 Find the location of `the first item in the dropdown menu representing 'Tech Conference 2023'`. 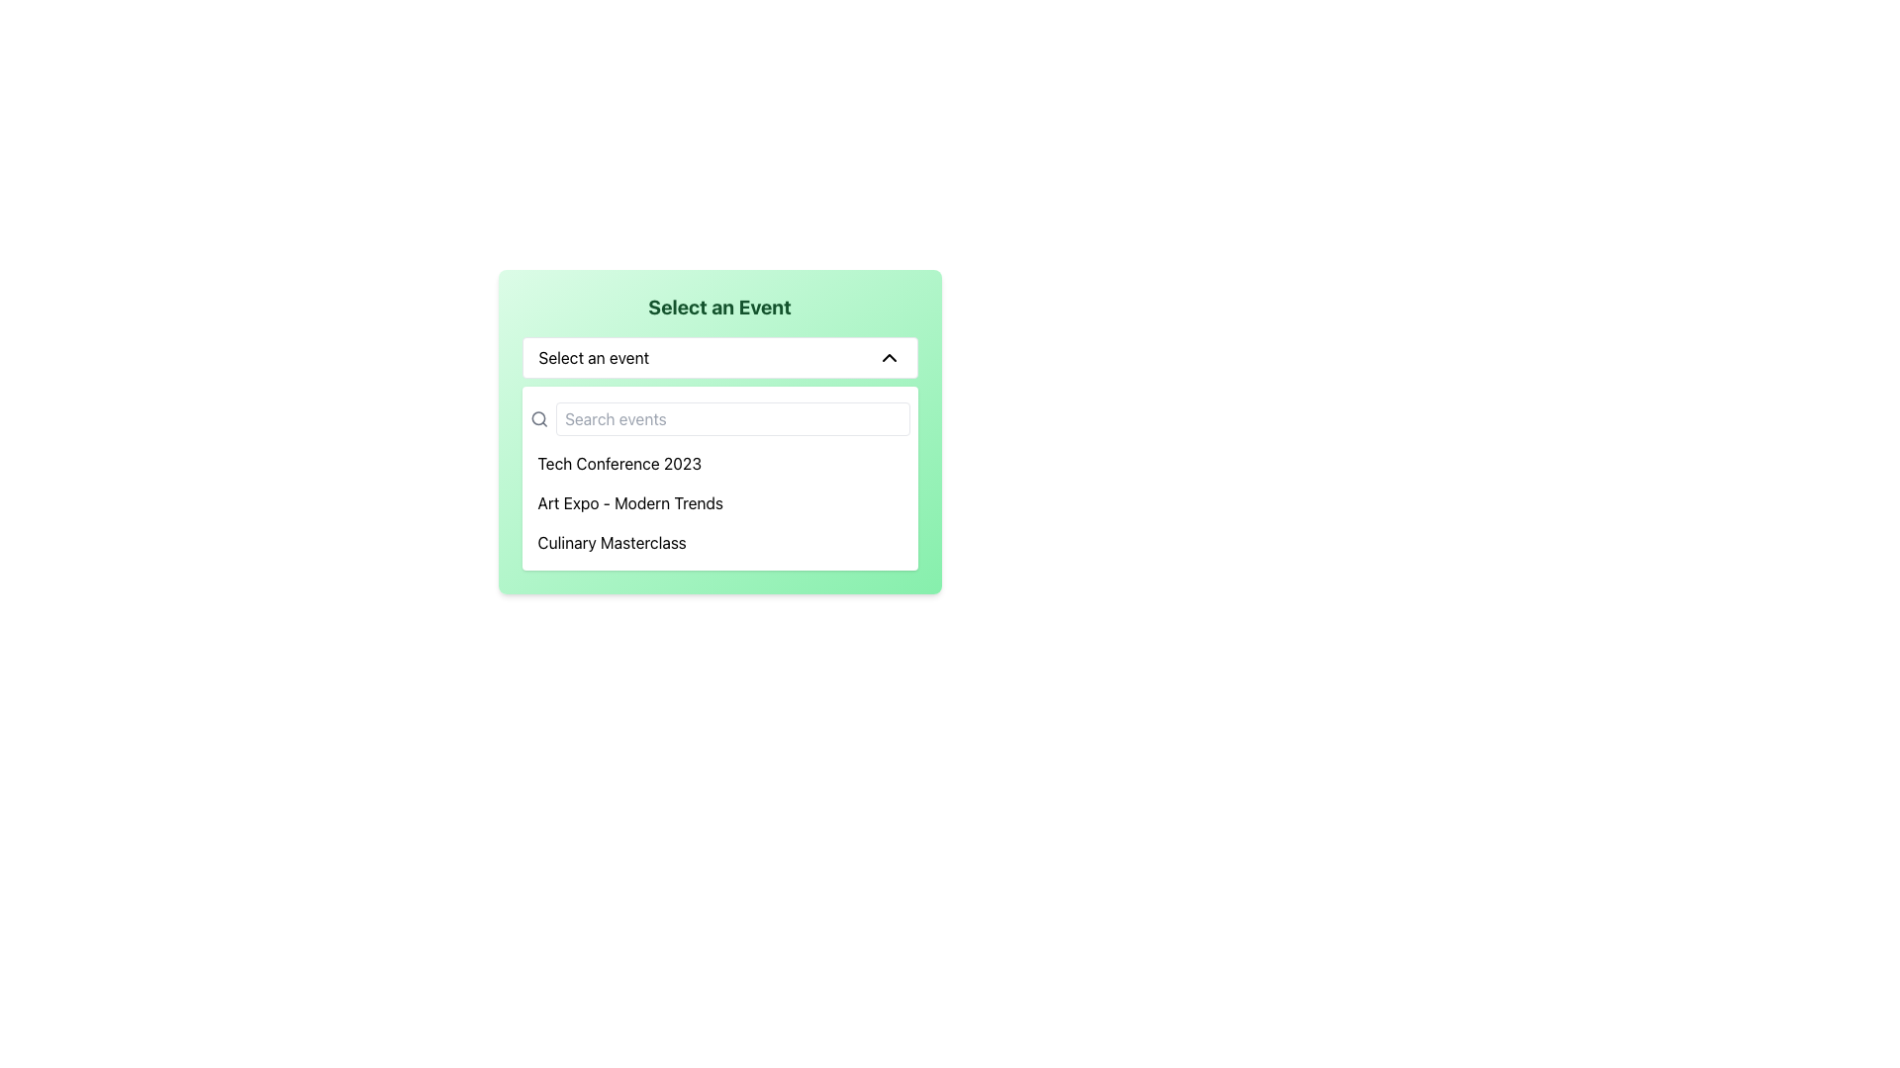

the first item in the dropdown menu representing 'Tech Conference 2023' is located at coordinates (718, 464).